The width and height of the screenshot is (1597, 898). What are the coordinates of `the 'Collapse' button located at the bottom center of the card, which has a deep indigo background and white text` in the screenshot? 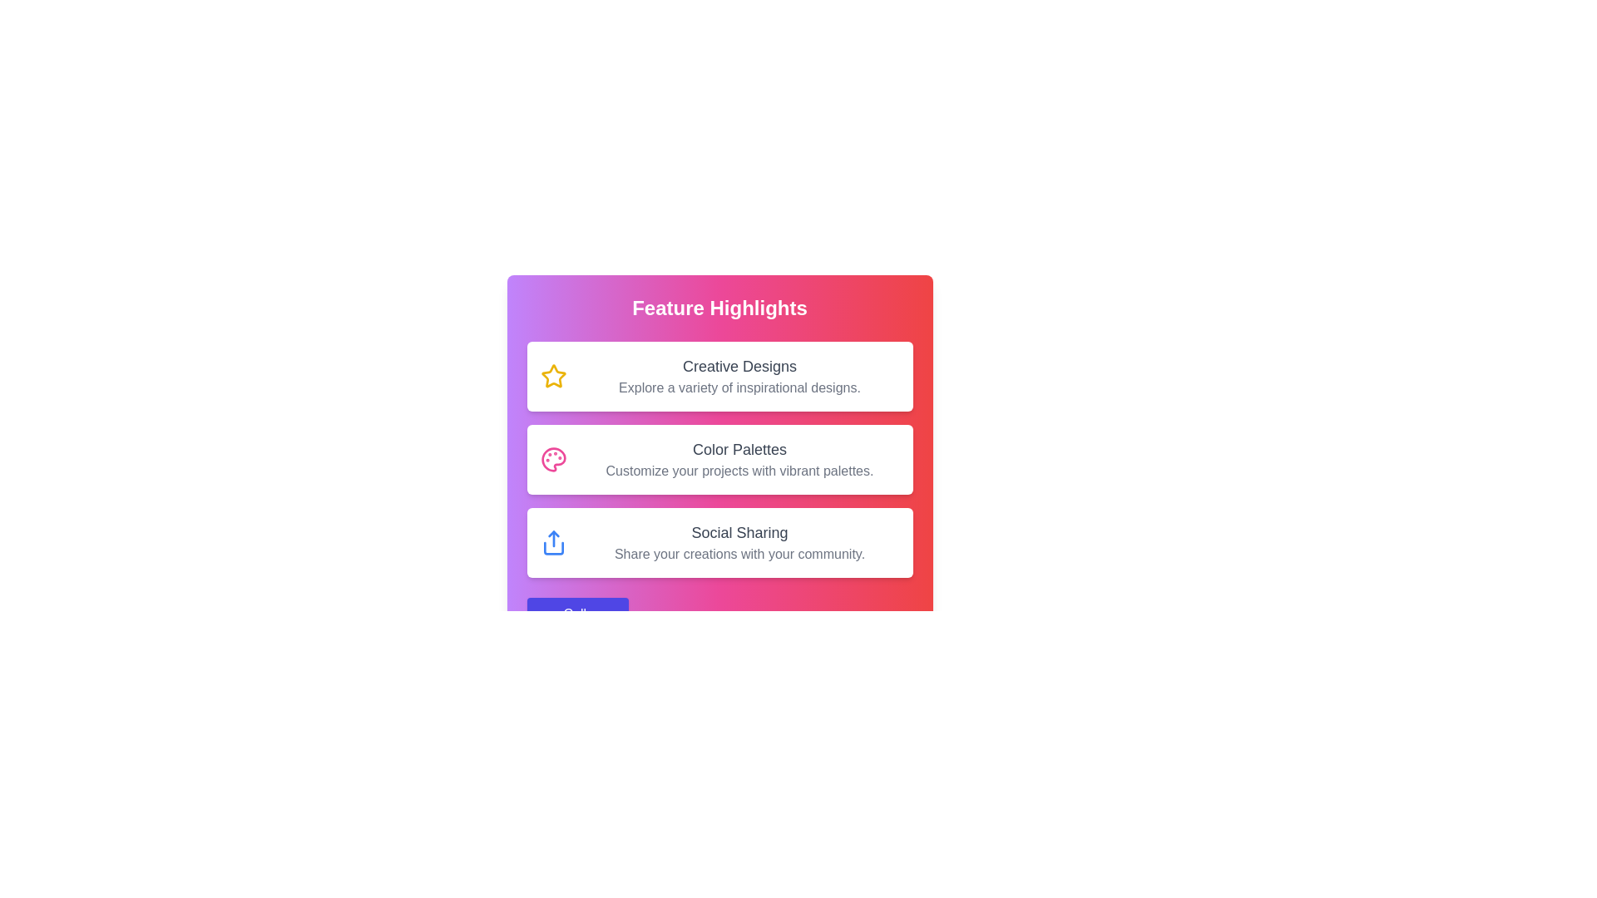 It's located at (719, 614).